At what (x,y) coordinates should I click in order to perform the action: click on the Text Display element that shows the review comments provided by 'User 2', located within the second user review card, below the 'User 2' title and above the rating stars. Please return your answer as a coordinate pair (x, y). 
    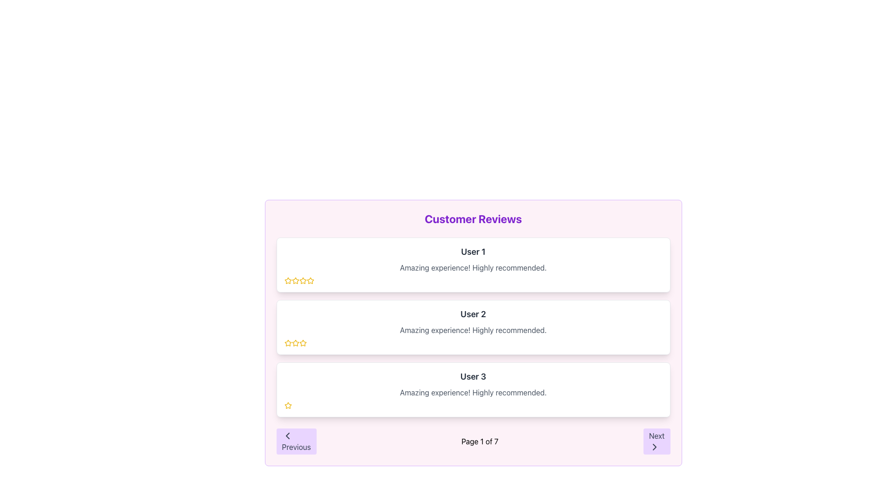
    Looking at the image, I should click on (473, 330).